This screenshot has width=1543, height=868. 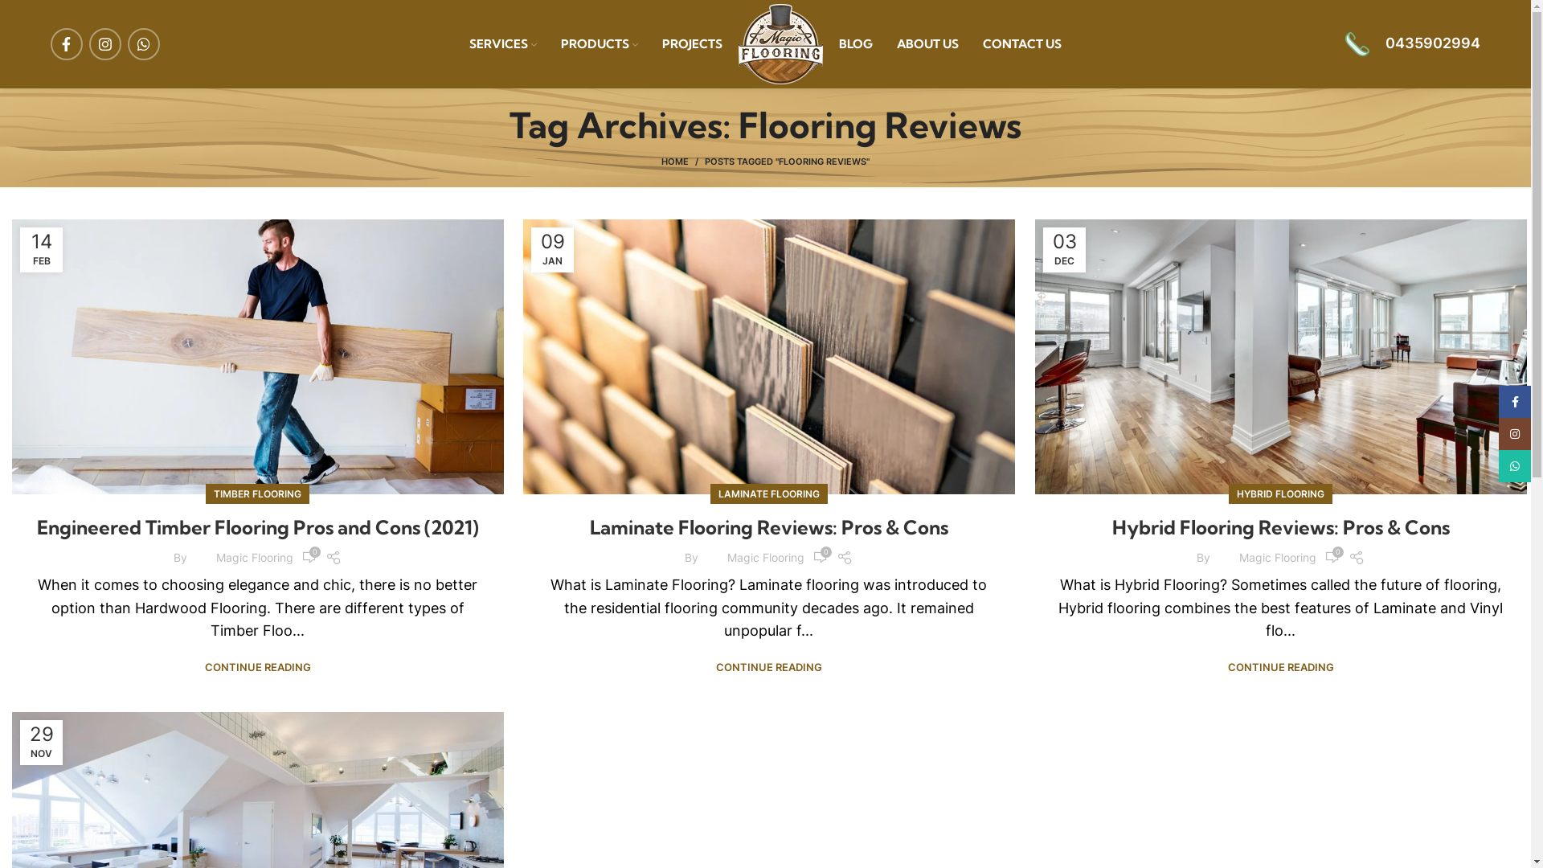 I want to click on 'SERVICES', so click(x=501, y=43).